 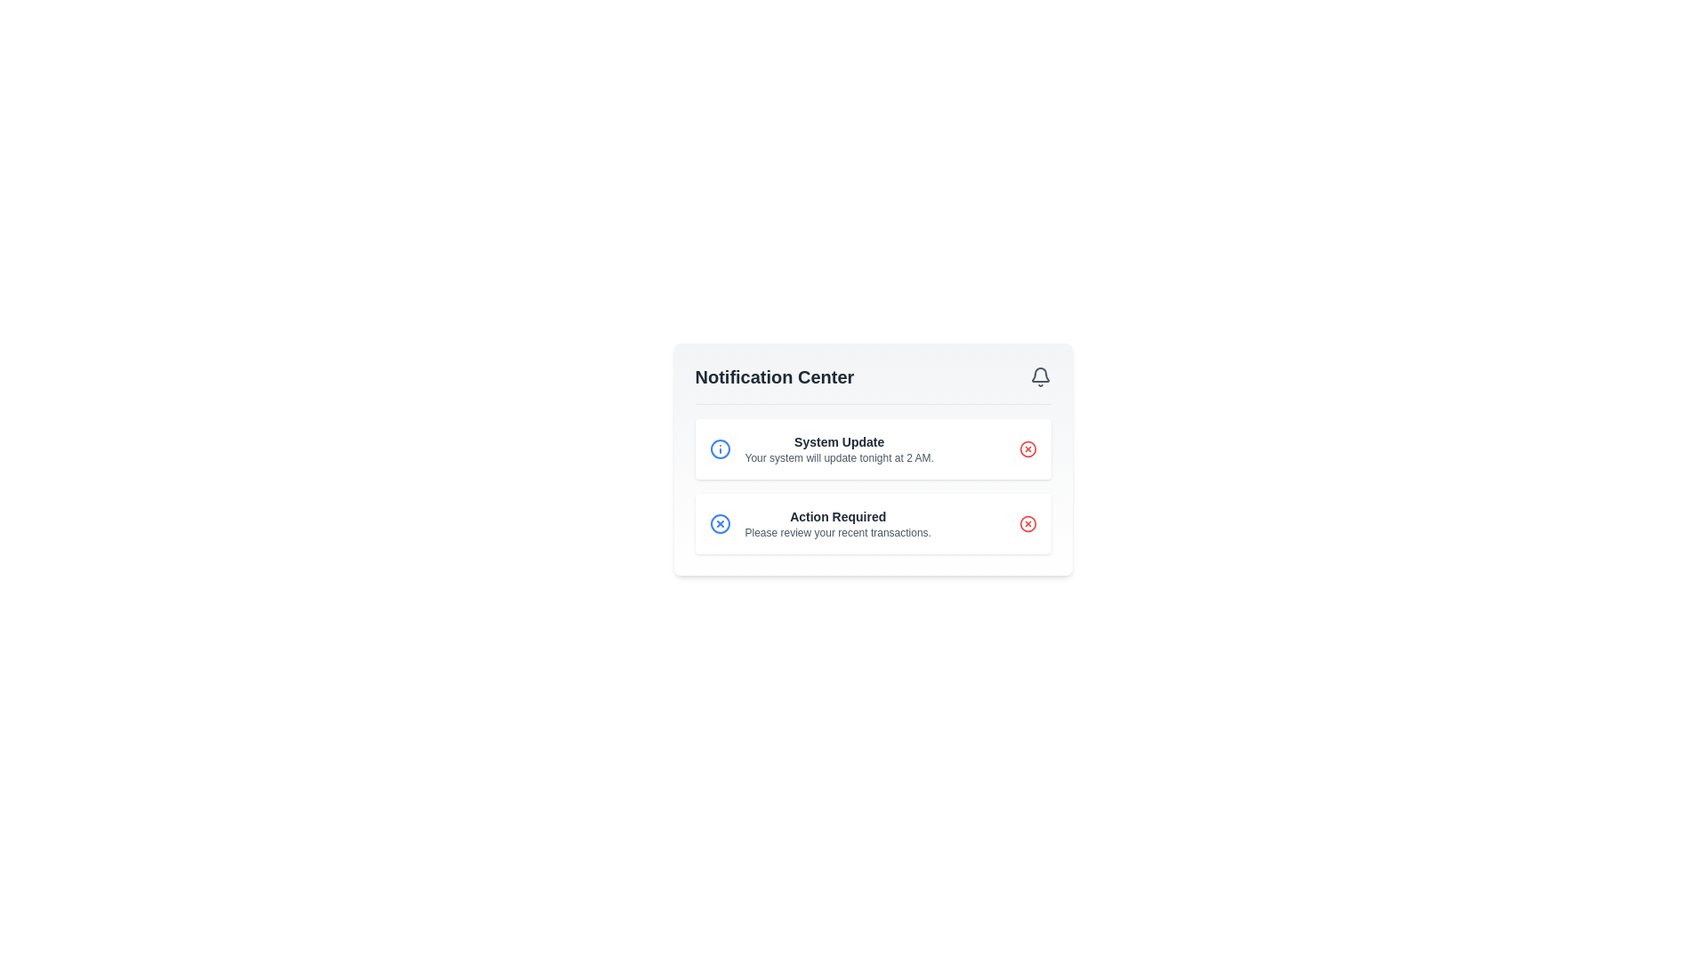 What do you see at coordinates (720, 523) in the screenshot?
I see `the interactive icon located to the right of the 'Action Required' description within the second actionable item of the notification center` at bounding box center [720, 523].